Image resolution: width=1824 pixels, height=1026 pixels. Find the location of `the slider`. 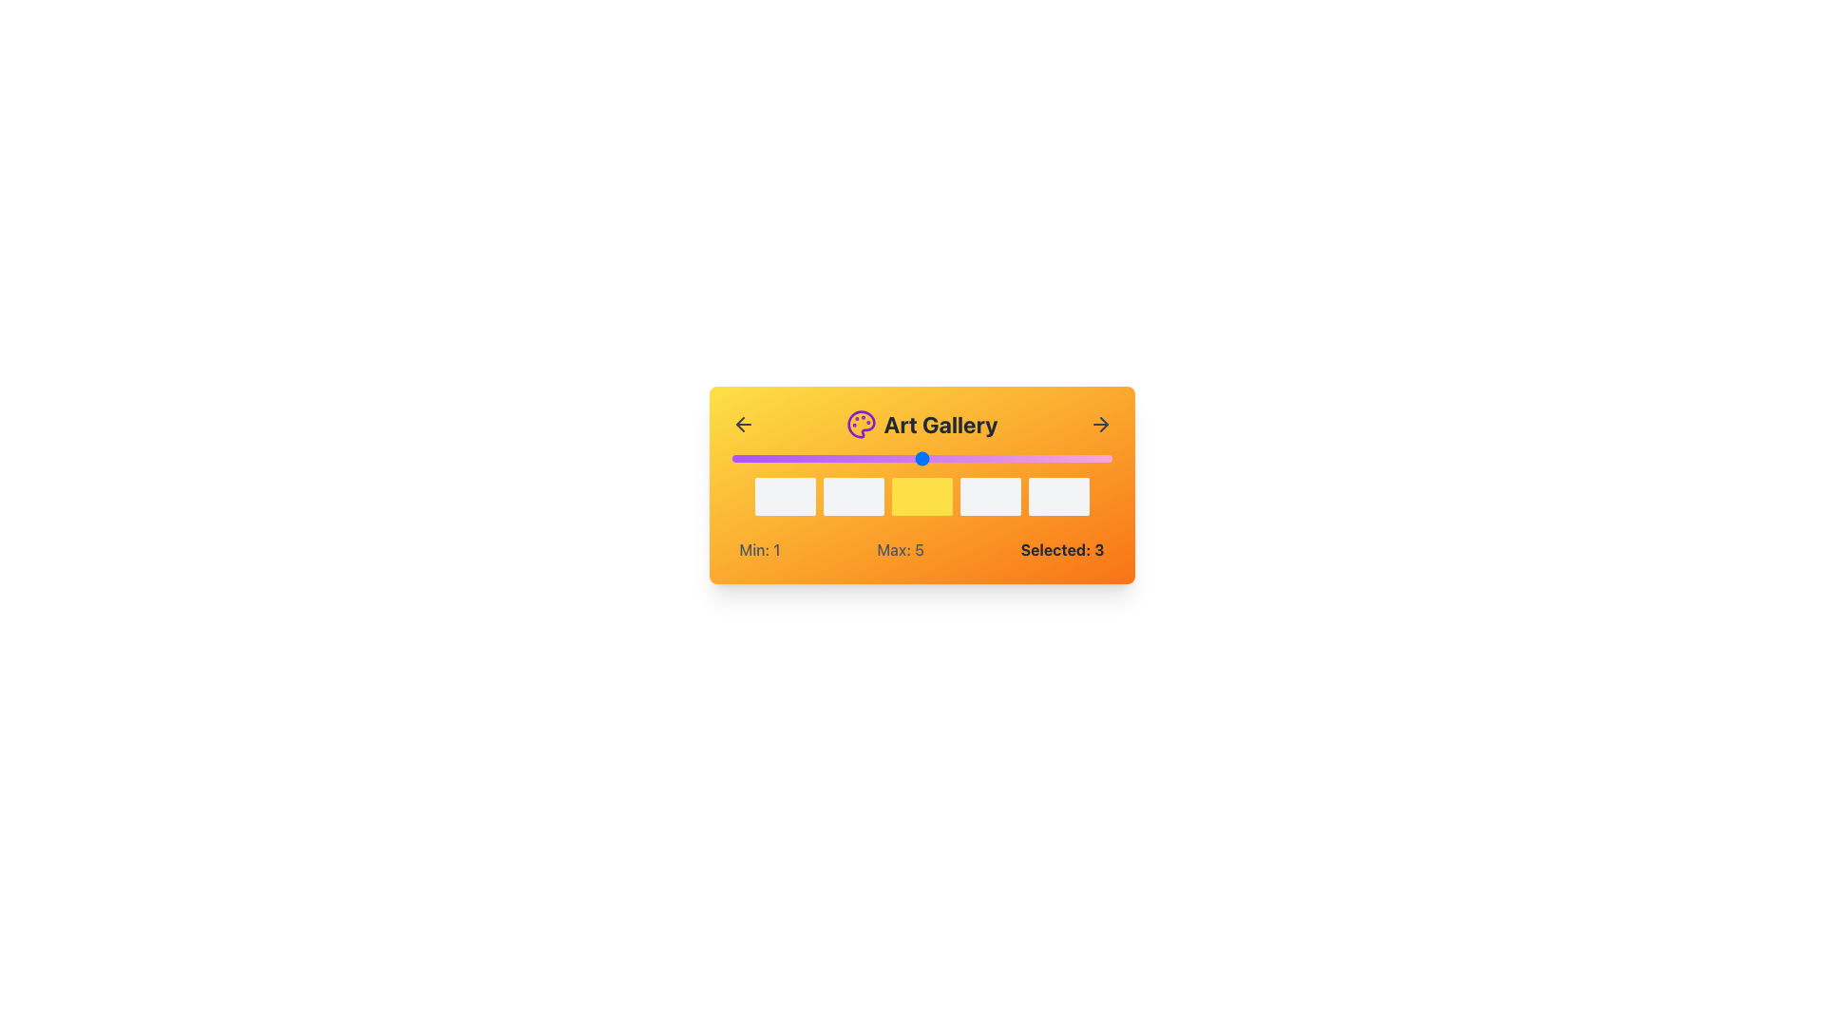

the slider is located at coordinates (1016, 458).